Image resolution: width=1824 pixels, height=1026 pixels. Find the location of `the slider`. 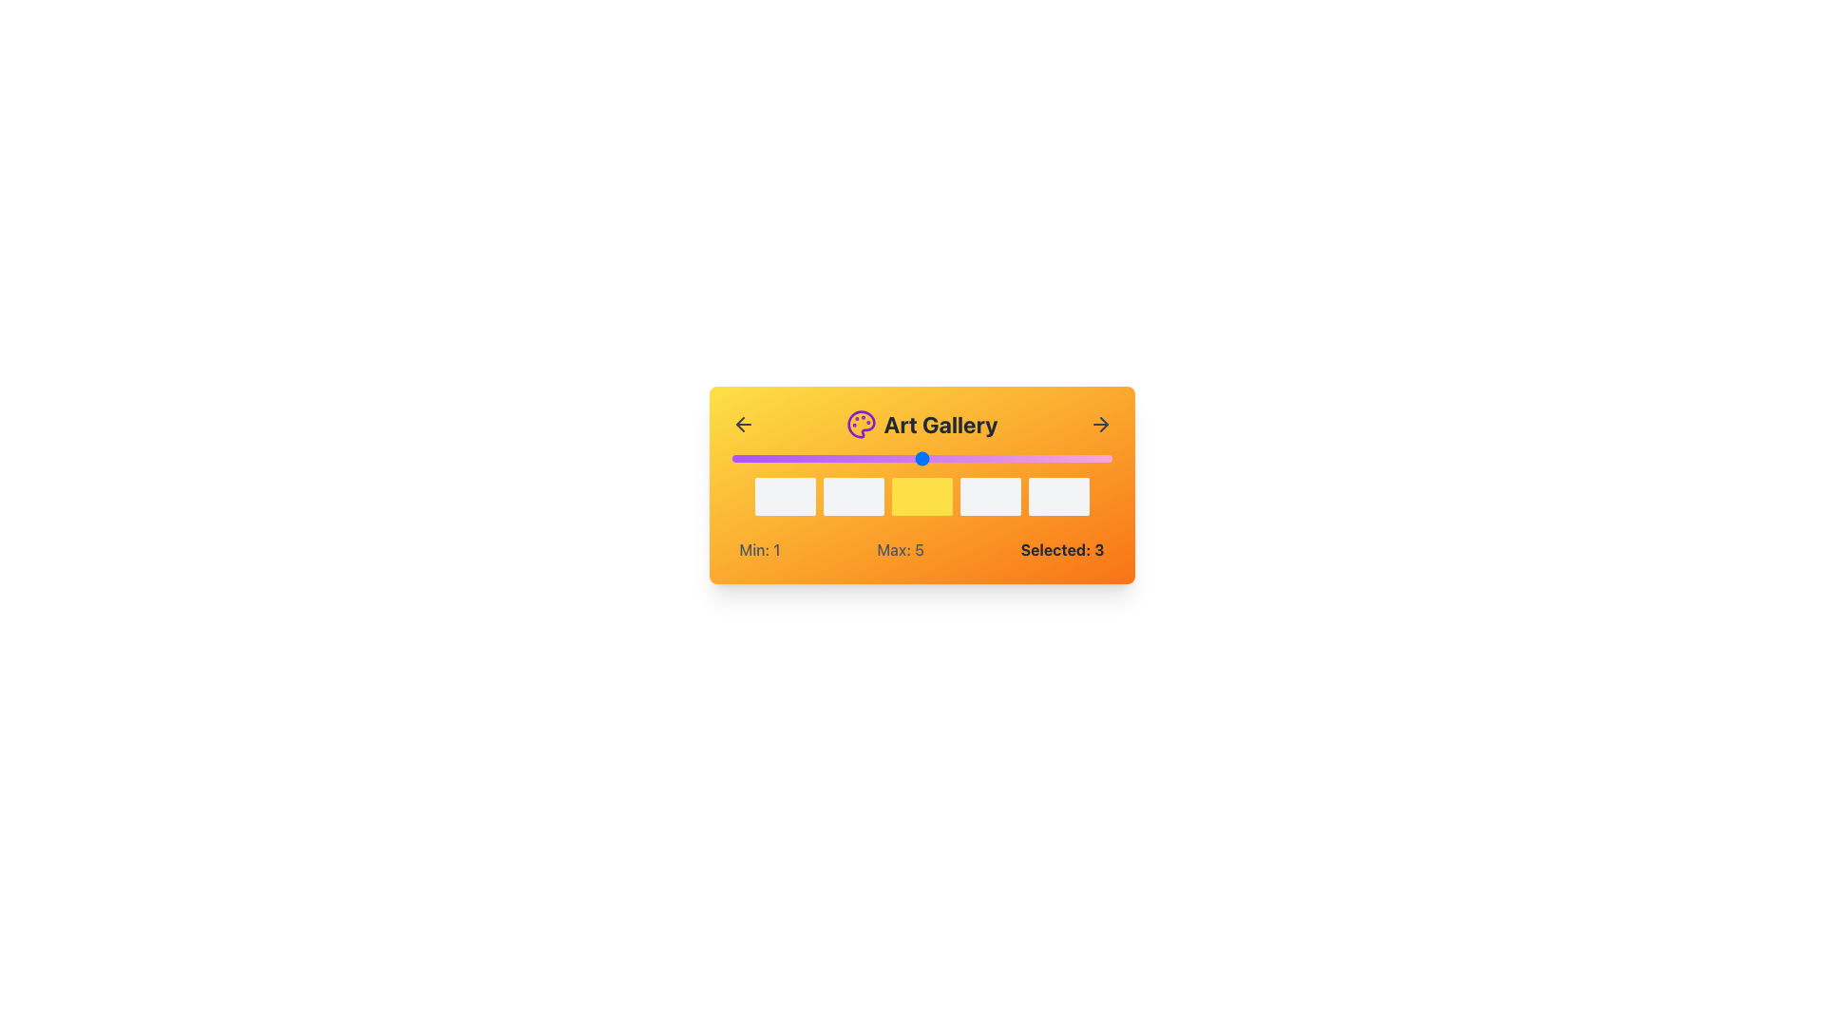

the slider is located at coordinates (1016, 458).